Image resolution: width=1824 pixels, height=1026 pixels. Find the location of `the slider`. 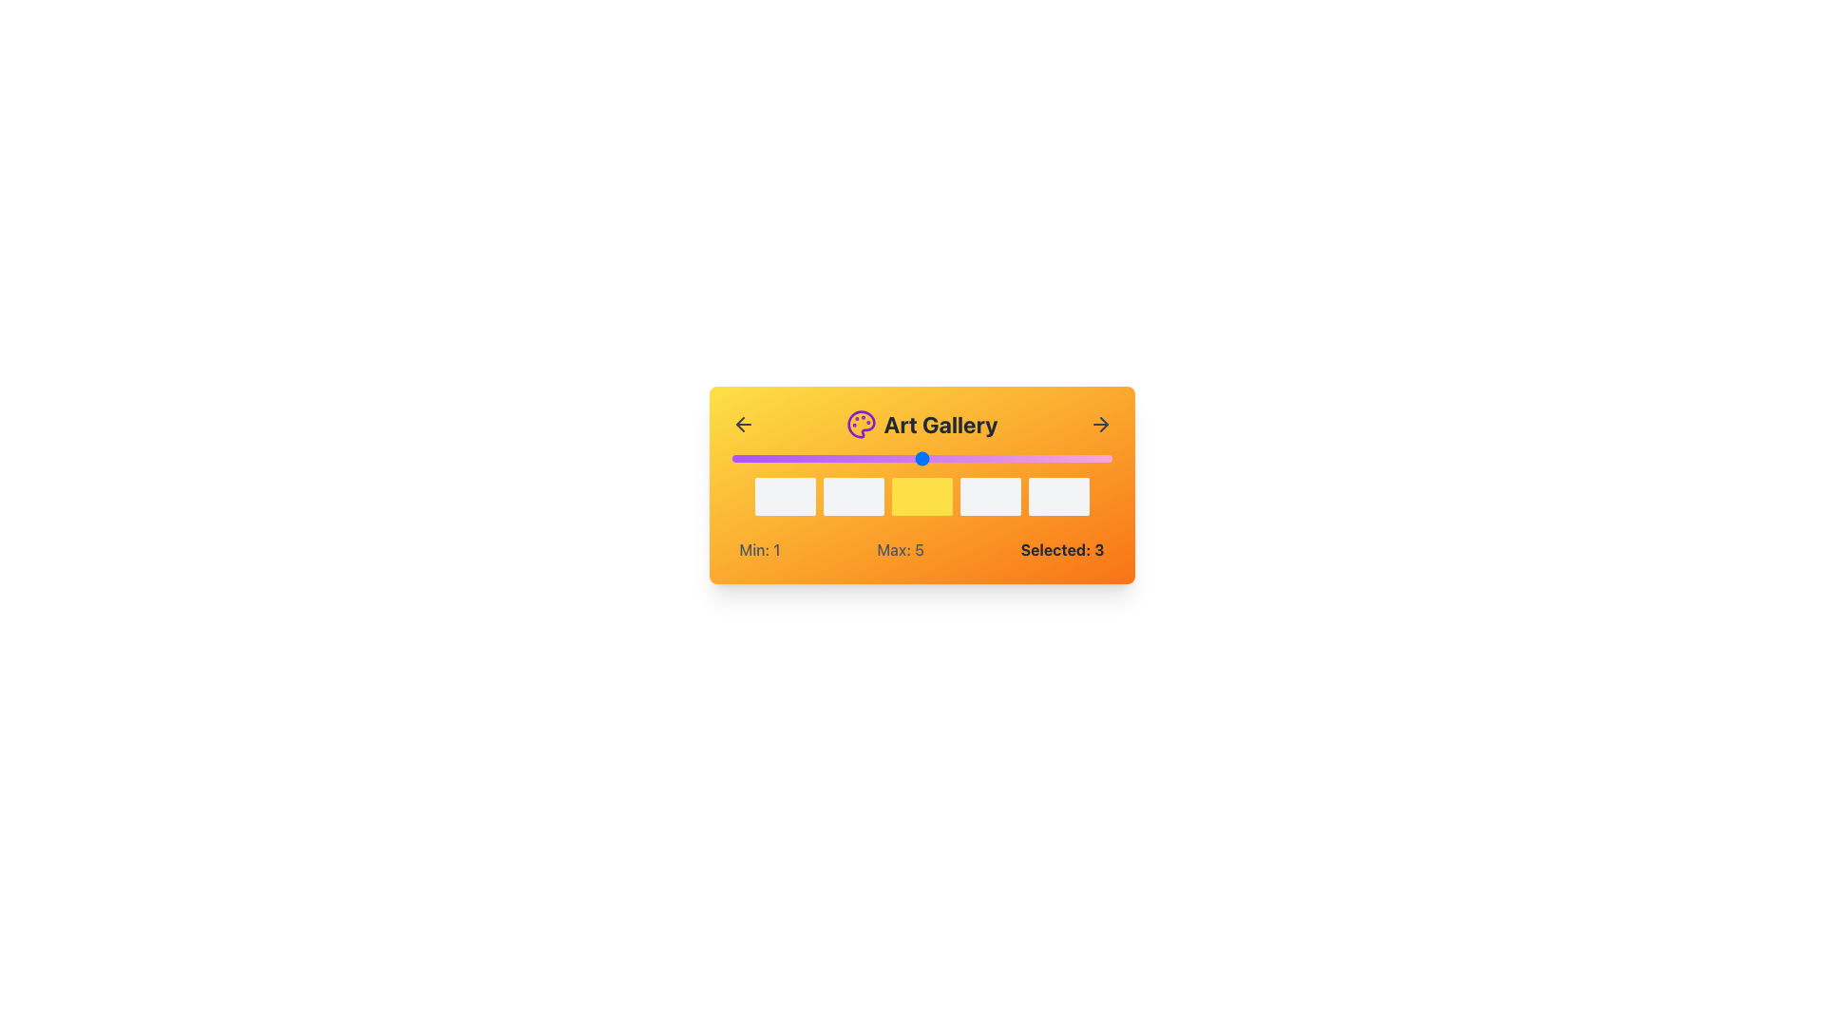

the slider is located at coordinates (1016, 458).